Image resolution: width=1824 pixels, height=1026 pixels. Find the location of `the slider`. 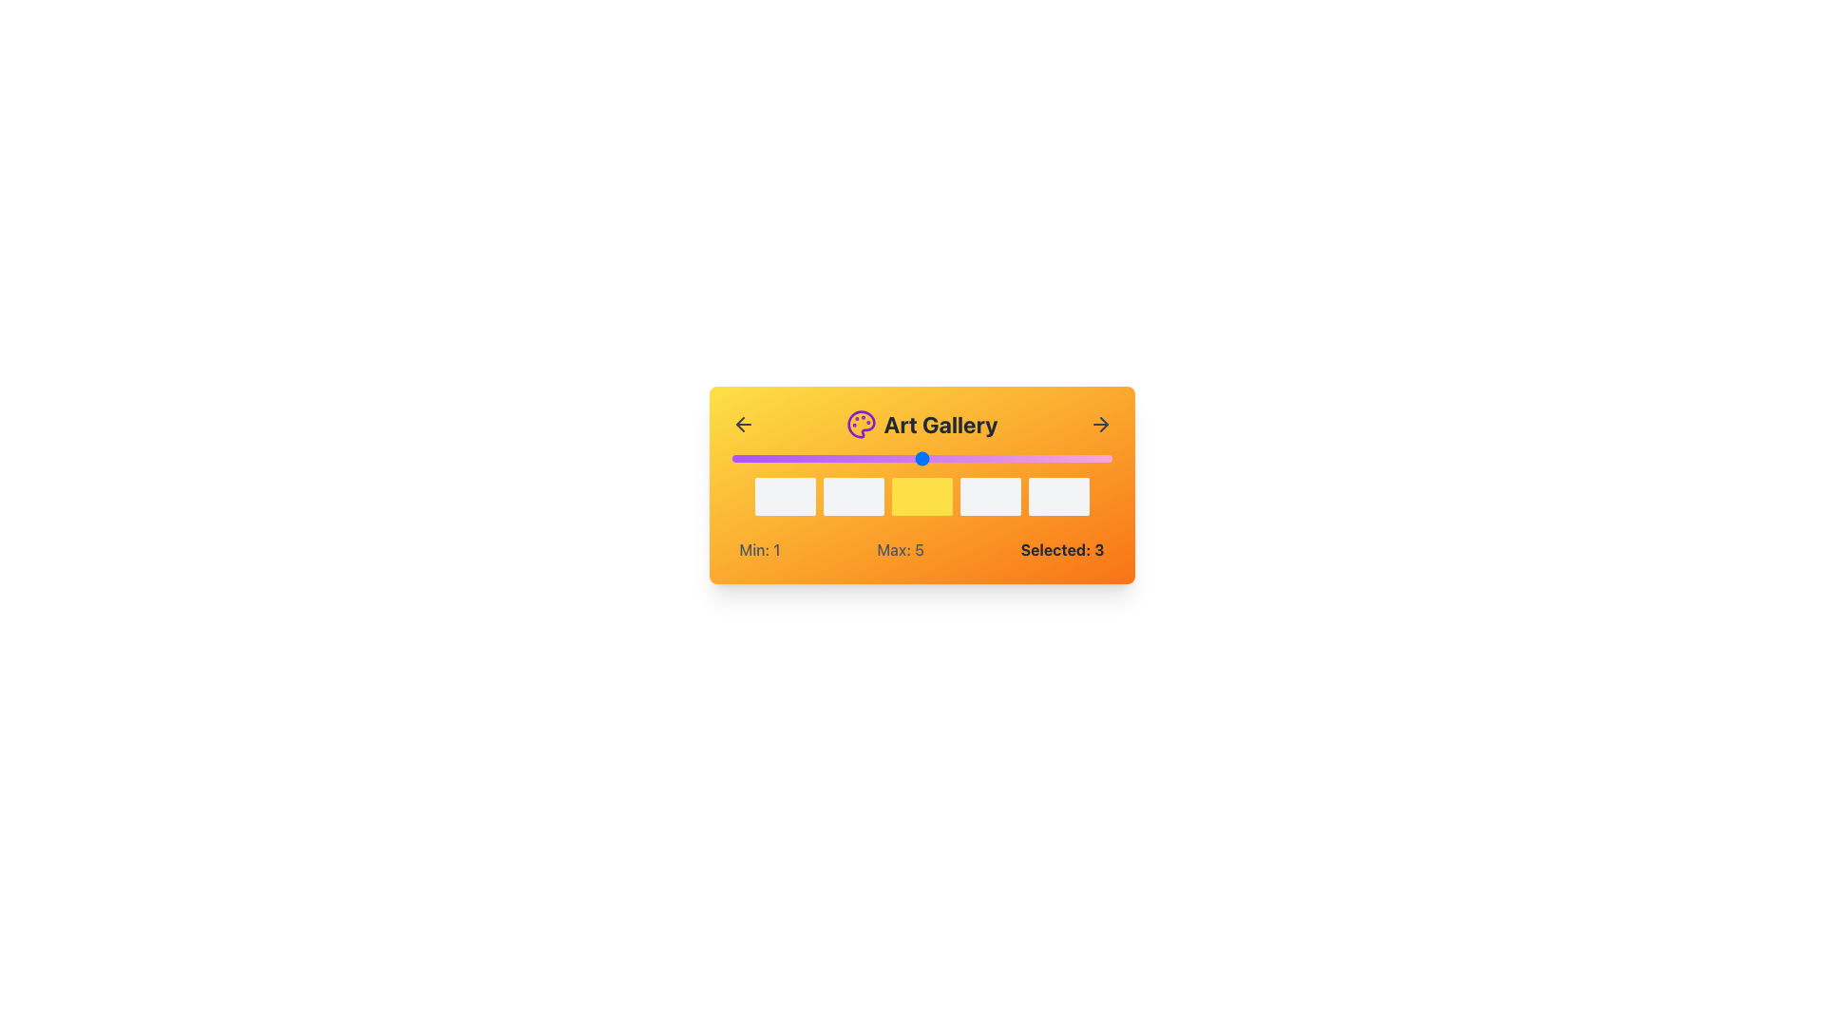

the slider is located at coordinates (1016, 458).